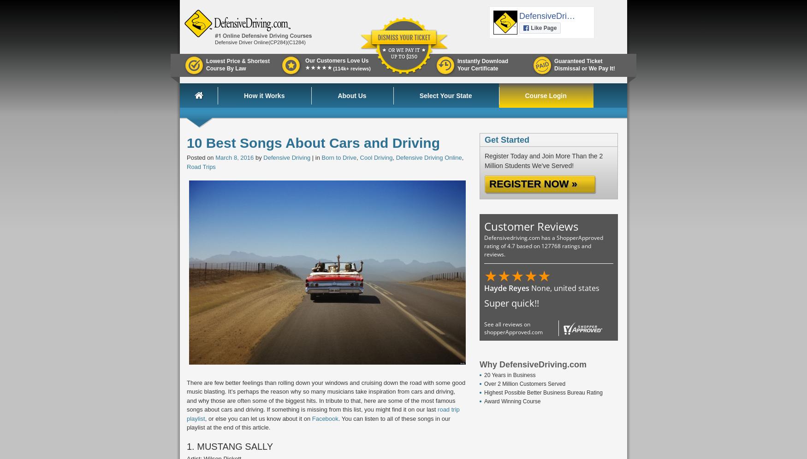 The height and width of the screenshot is (459, 807). I want to click on 'Select Your State', so click(418, 95).